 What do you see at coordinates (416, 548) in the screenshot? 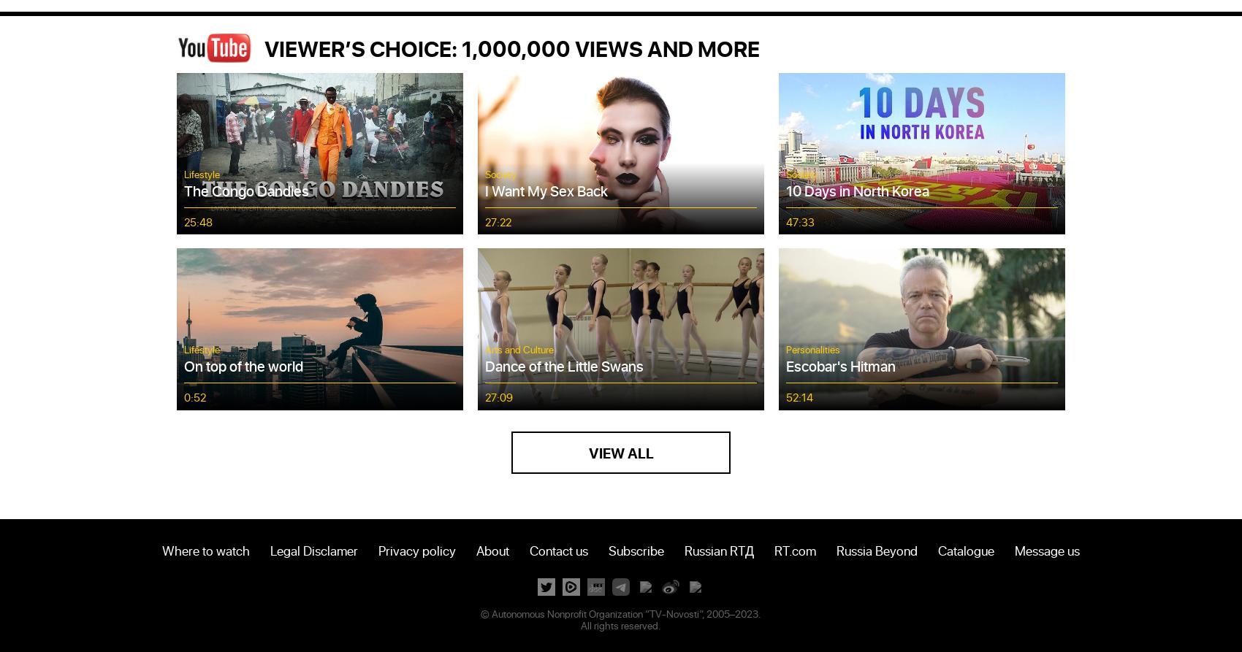
I see `'Privacy policy'` at bounding box center [416, 548].